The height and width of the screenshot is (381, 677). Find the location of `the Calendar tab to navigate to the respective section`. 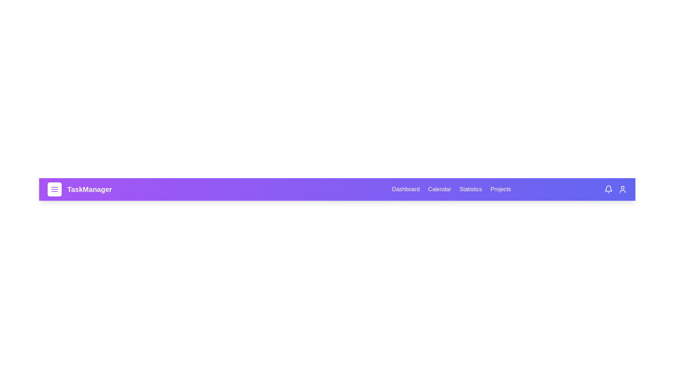

the Calendar tab to navigate to the respective section is located at coordinates (439, 189).